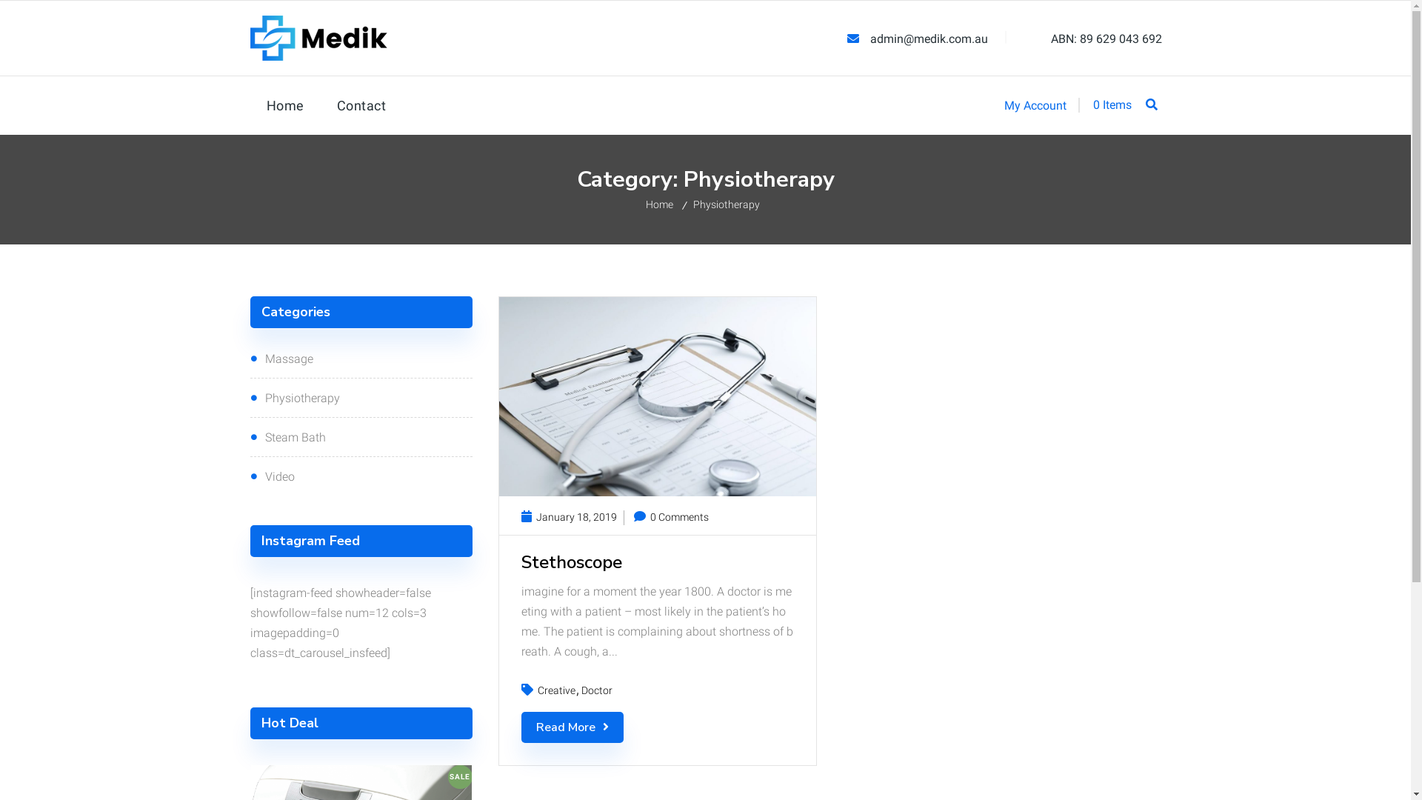 Image resolution: width=1422 pixels, height=800 pixels. I want to click on 'admin@medik.com.au', so click(931, 37).